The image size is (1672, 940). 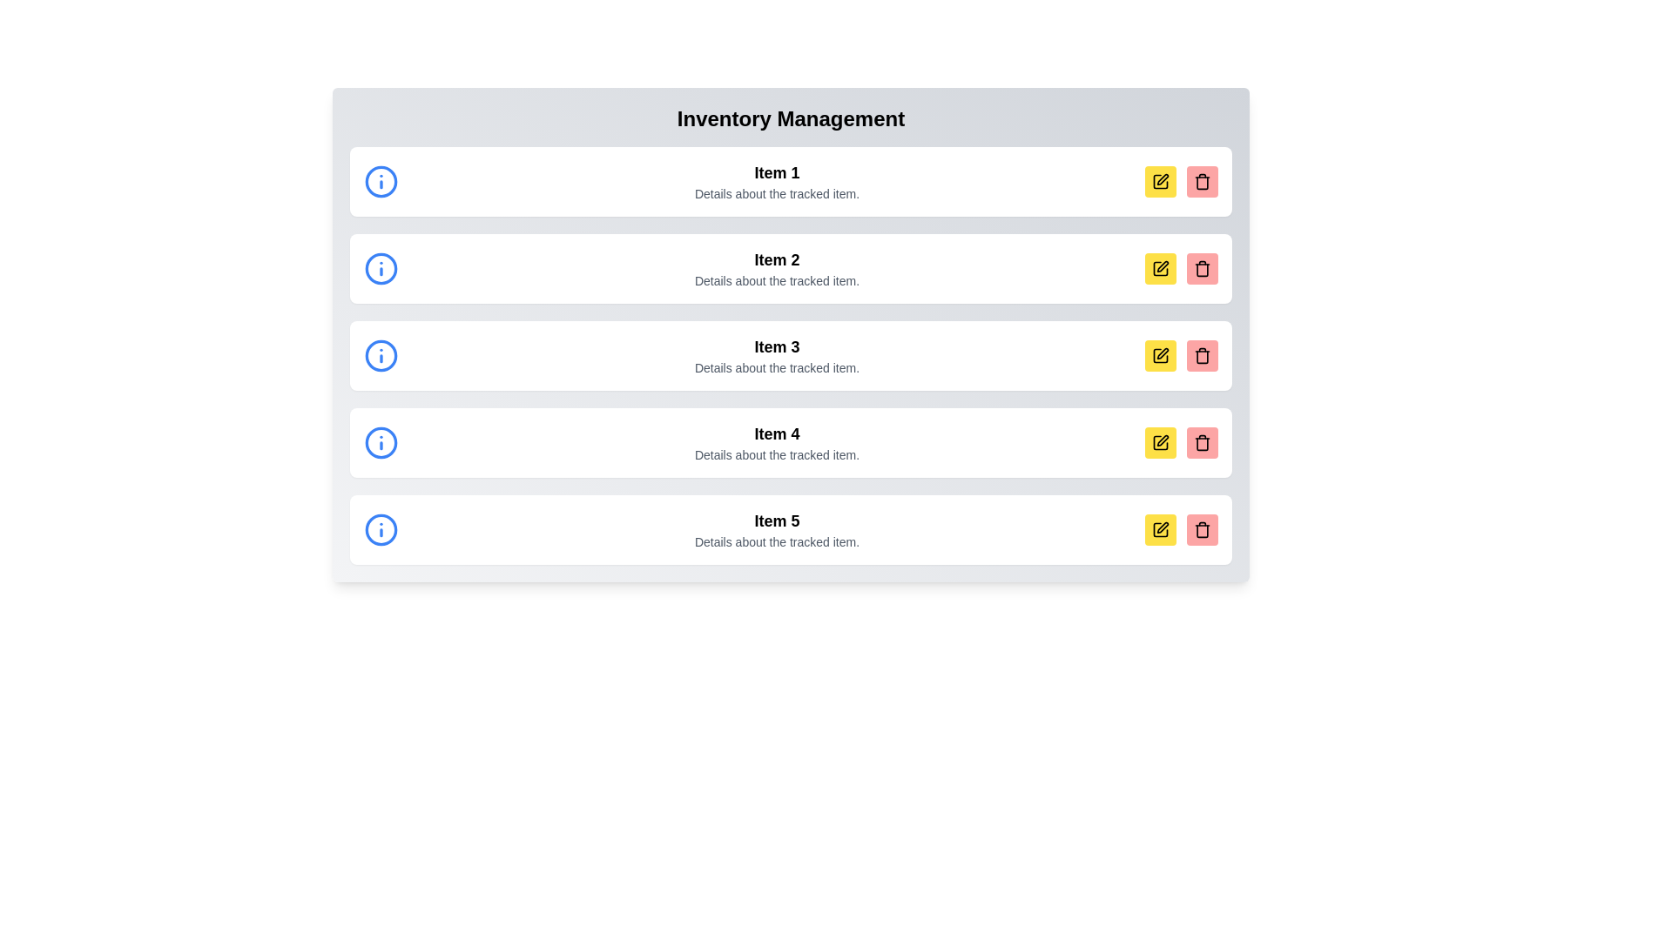 I want to click on the fourth row of the list item in the inventory management system, so click(x=776, y=442).